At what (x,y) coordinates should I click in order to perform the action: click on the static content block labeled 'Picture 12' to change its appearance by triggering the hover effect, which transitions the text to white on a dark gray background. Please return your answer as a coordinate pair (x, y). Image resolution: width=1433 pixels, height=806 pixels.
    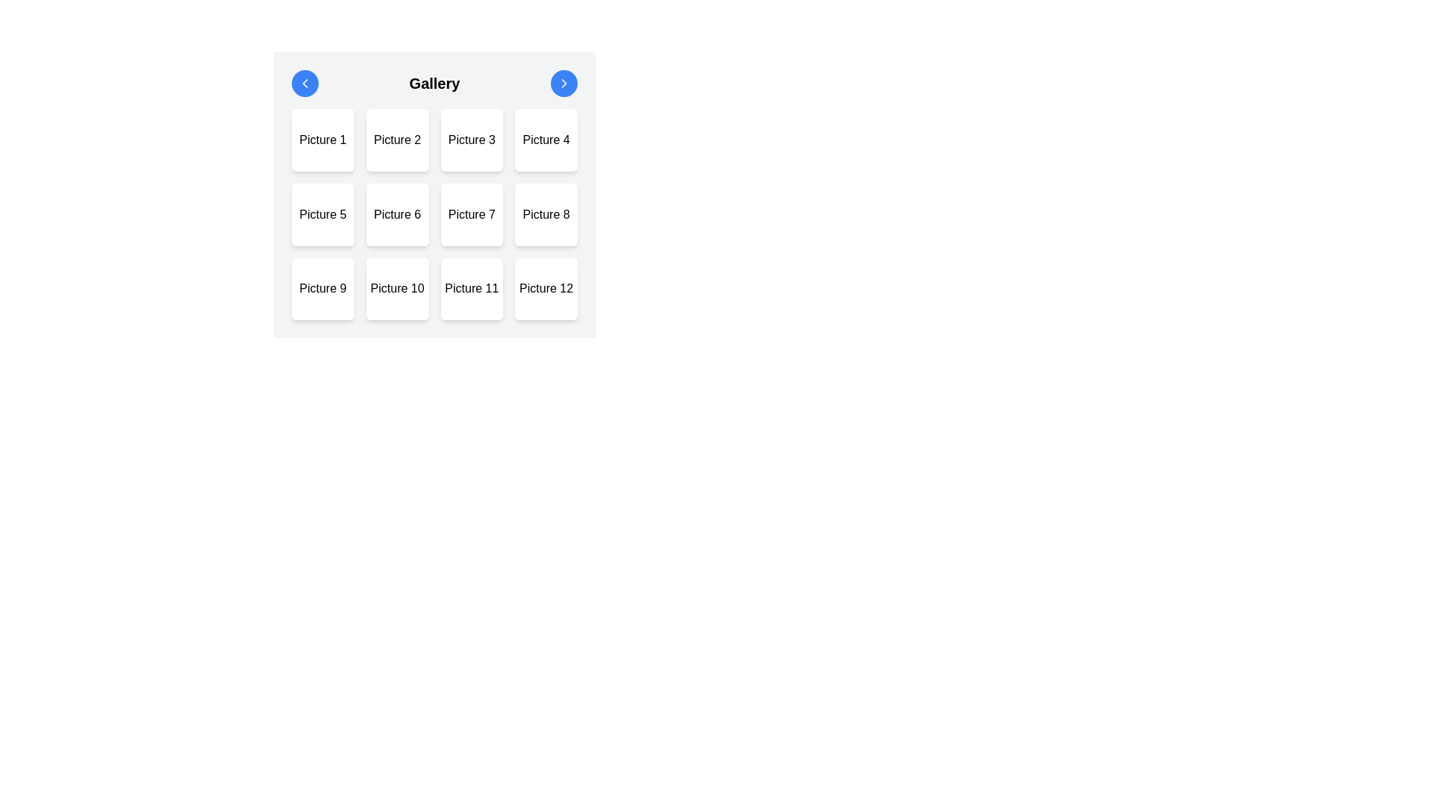
    Looking at the image, I should click on (546, 289).